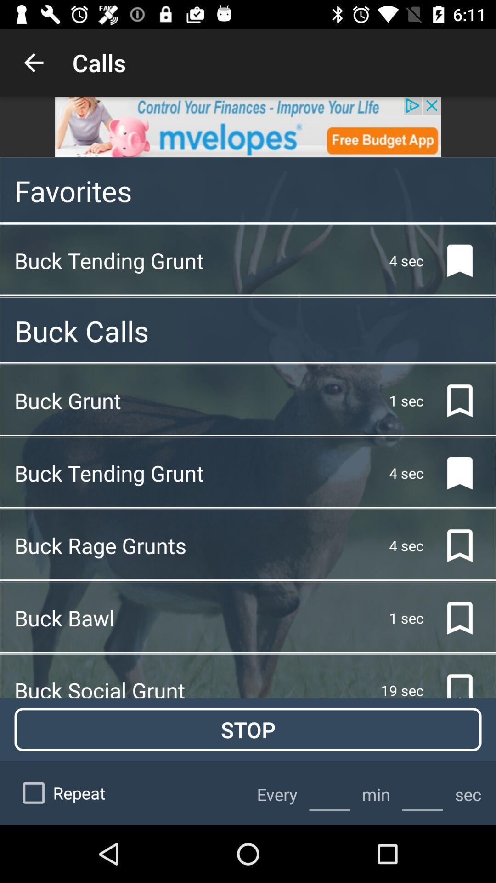 The image size is (496, 883). Describe the element at coordinates (248, 126) in the screenshot. I see `make advertisement` at that location.